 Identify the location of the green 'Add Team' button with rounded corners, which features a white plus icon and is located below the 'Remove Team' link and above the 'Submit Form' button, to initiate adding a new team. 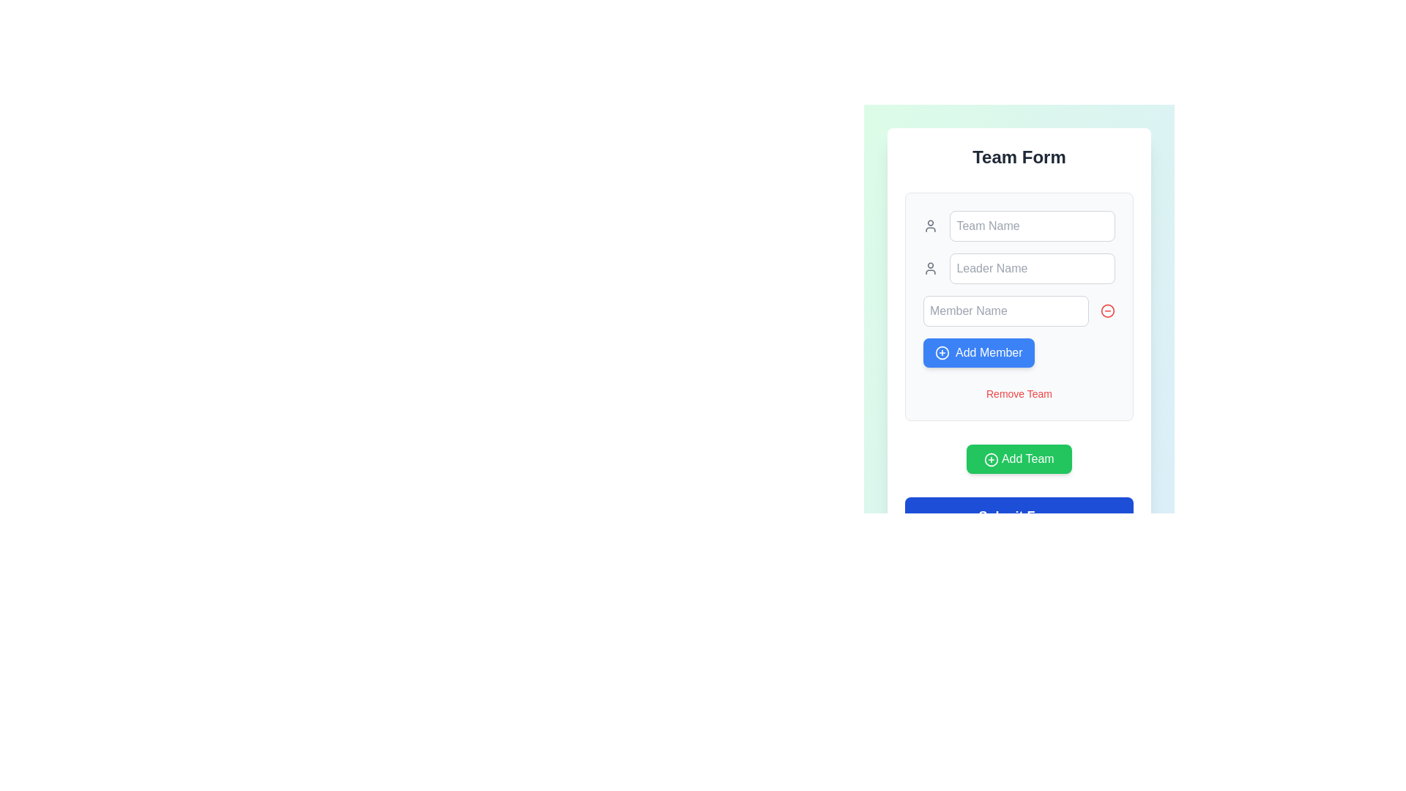
(1019, 458).